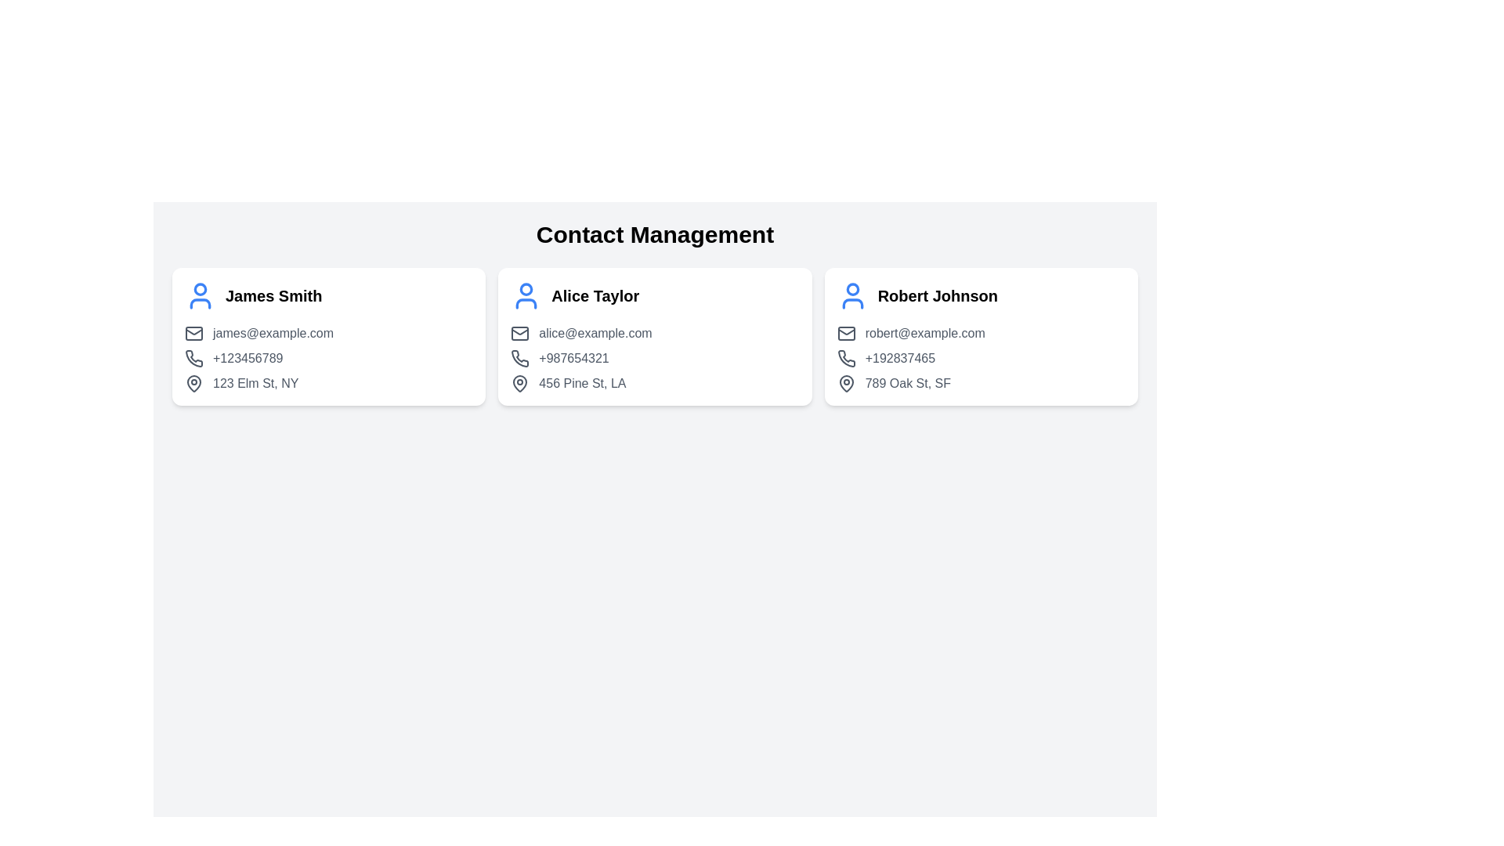 This screenshot has width=1504, height=846. I want to click on the user silhouette icon styled in blue, located at the upper-left corner of the contact card for 'Robert Johnson', so click(851, 296).